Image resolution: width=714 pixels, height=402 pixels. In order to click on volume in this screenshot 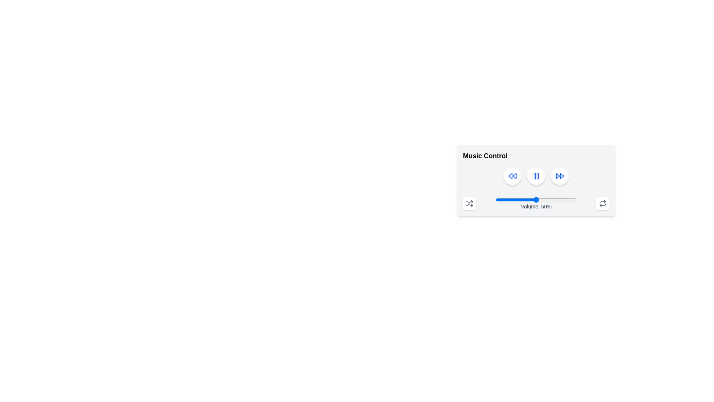, I will do `click(510, 199)`.